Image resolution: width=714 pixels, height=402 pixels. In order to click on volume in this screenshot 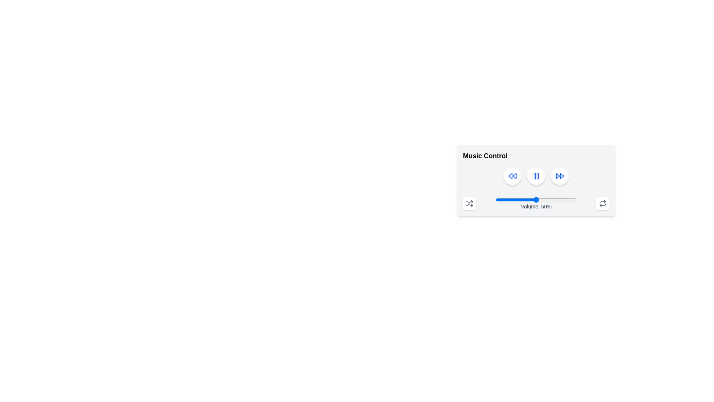, I will do `click(510, 199)`.